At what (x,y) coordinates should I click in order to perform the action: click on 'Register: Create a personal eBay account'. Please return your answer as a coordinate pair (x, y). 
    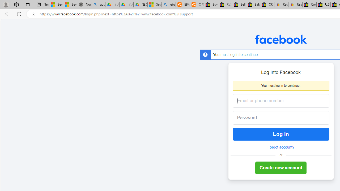
    Looking at the image, I should click on (281, 5).